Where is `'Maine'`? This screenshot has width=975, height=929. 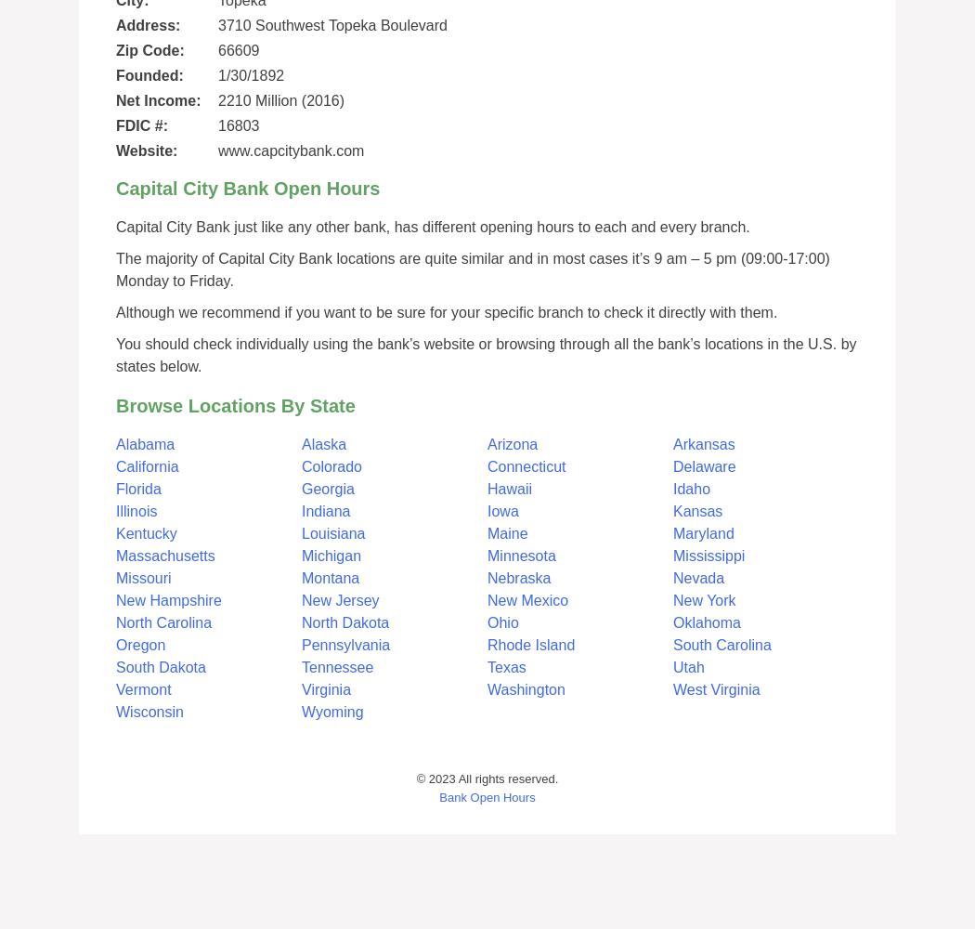 'Maine' is located at coordinates (507, 532).